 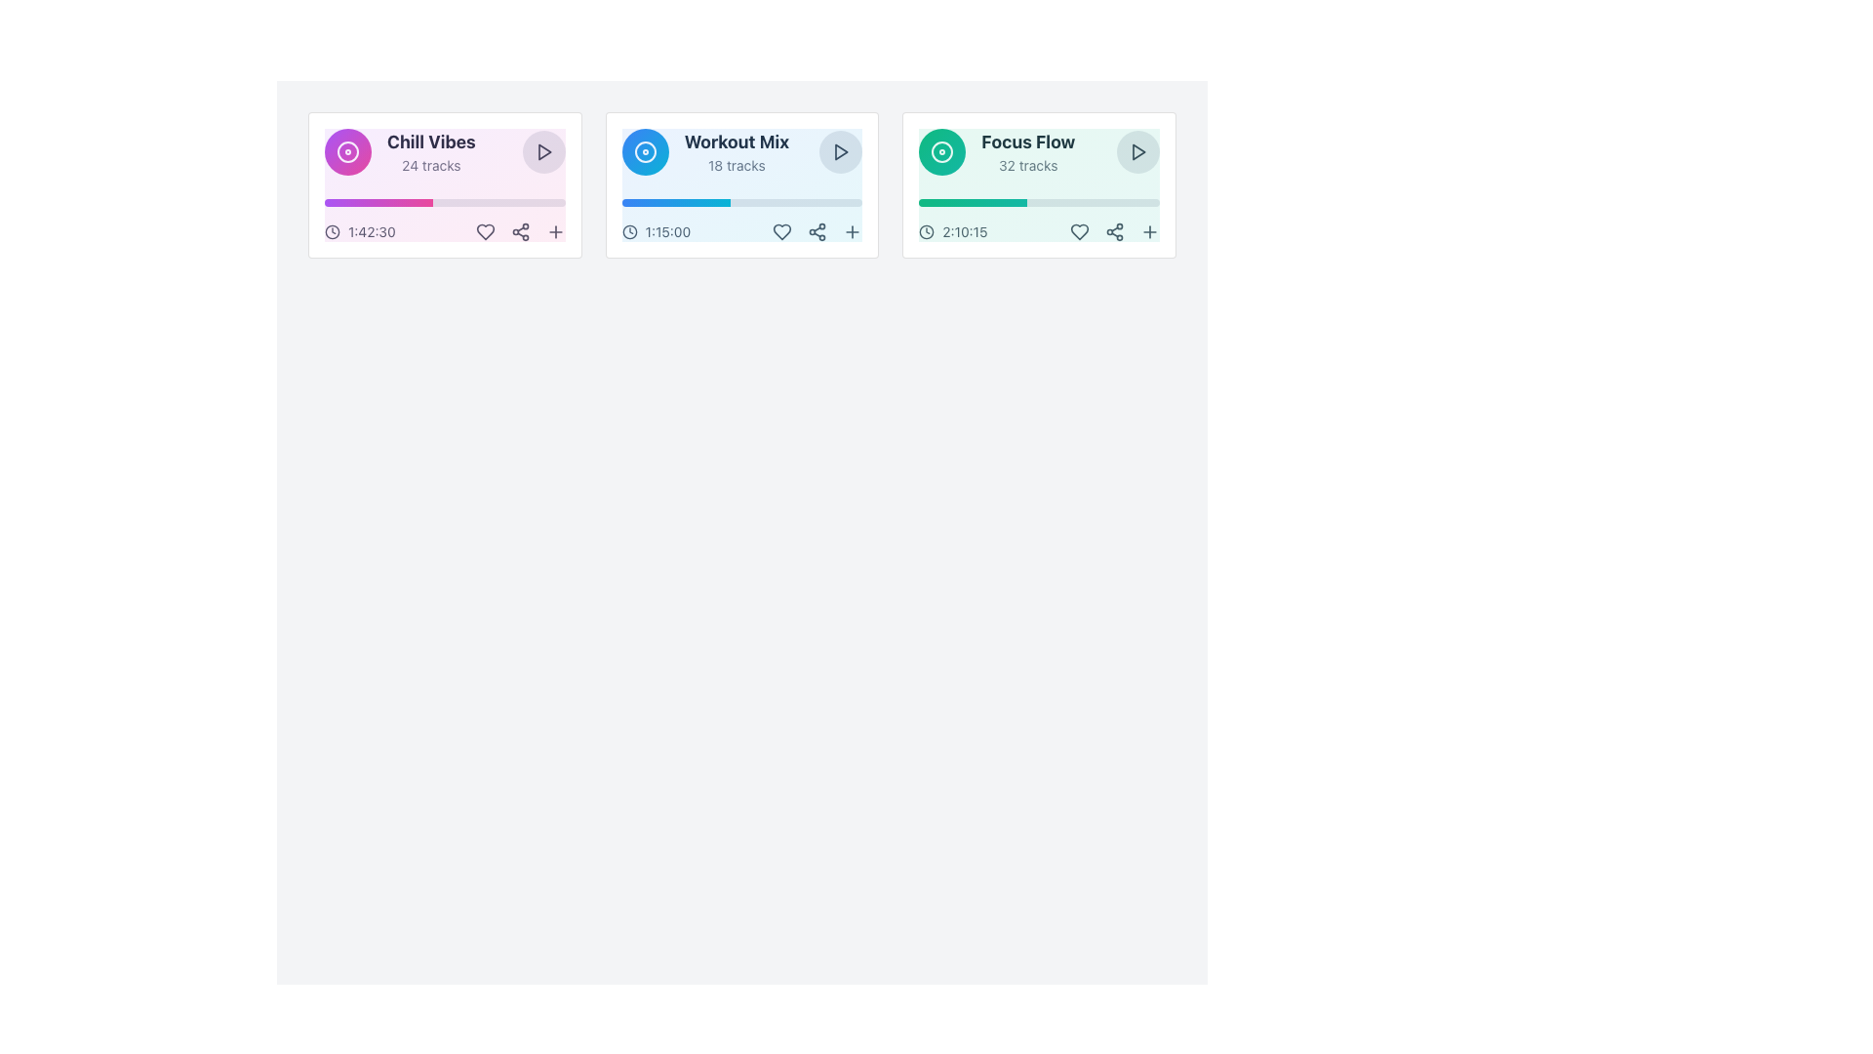 I want to click on the heart-shaped icon with an outline style located at the bottom-right corner of the 'Chill Vibes' card, so click(x=485, y=231).